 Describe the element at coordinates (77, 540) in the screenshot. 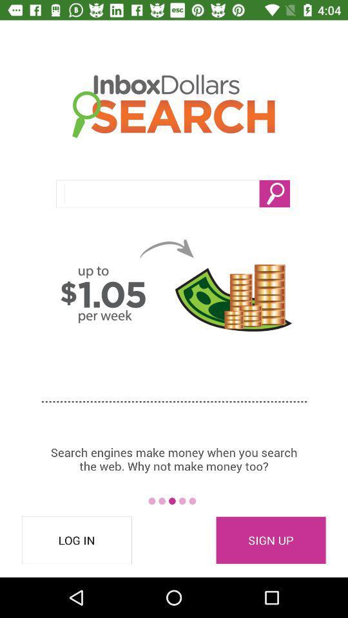

I see `item to the left of sign up item` at that location.